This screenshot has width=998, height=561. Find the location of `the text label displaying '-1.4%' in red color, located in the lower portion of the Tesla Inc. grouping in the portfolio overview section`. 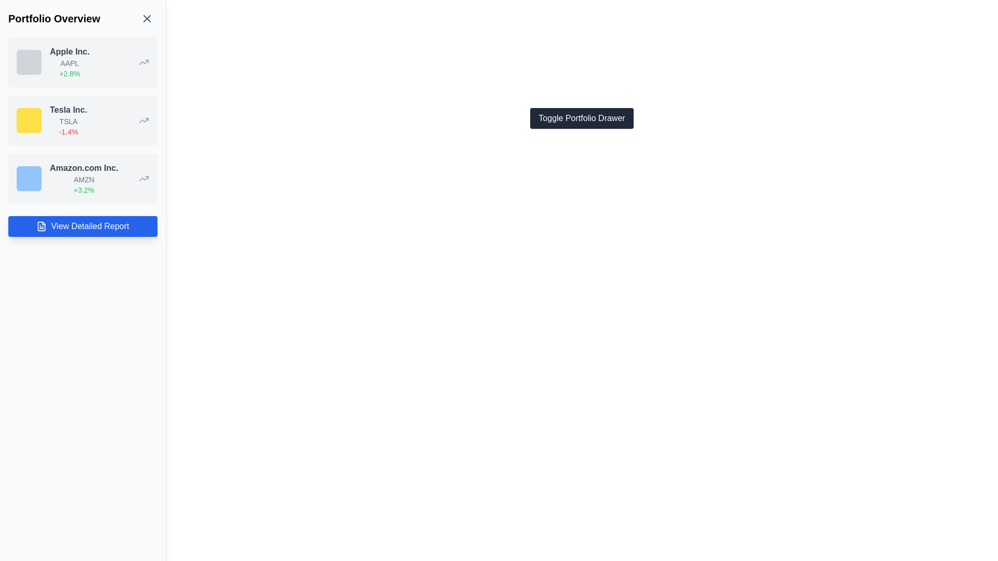

the text label displaying '-1.4%' in red color, located in the lower portion of the Tesla Inc. grouping in the portfolio overview section is located at coordinates (68, 131).